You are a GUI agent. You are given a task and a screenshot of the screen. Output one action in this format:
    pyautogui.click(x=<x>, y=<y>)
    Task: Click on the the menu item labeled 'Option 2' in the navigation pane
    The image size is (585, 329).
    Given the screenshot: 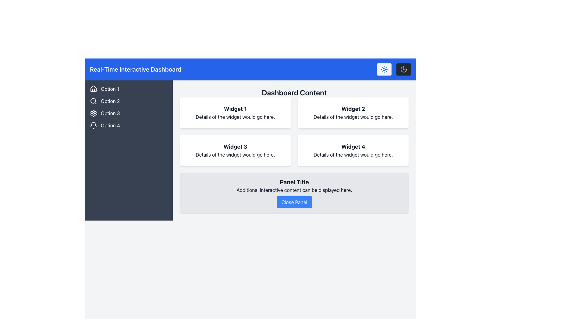 What is the action you would take?
    pyautogui.click(x=110, y=101)
    